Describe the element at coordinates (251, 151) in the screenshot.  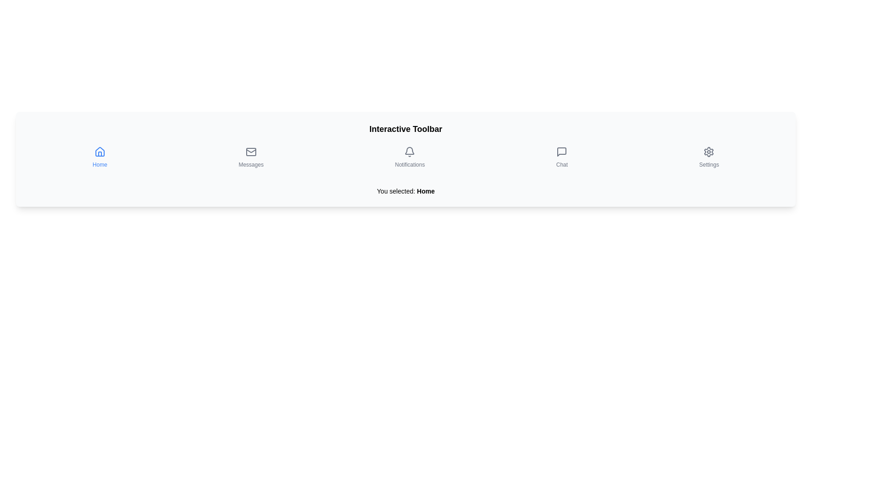
I see `the light gray rectangular shape within the envelope icon that represents 'Messages' in the toolbar, located between the 'Home' and 'Notifications' icons` at that location.